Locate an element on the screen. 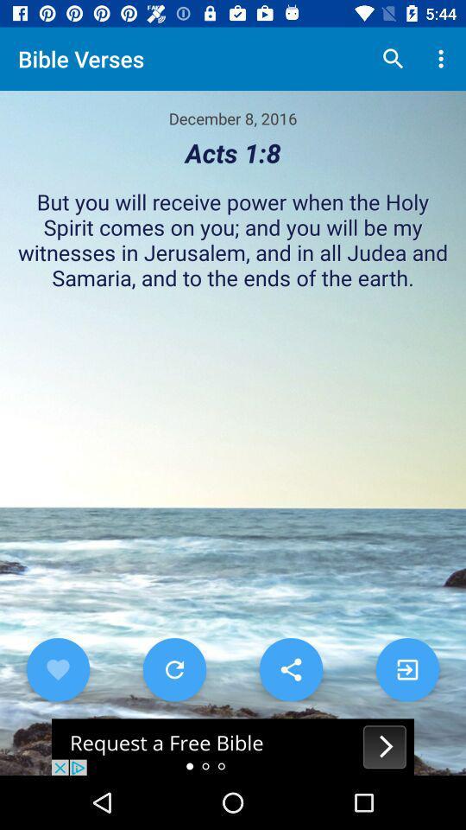 The image size is (466, 830). favorite is located at coordinates (58, 668).